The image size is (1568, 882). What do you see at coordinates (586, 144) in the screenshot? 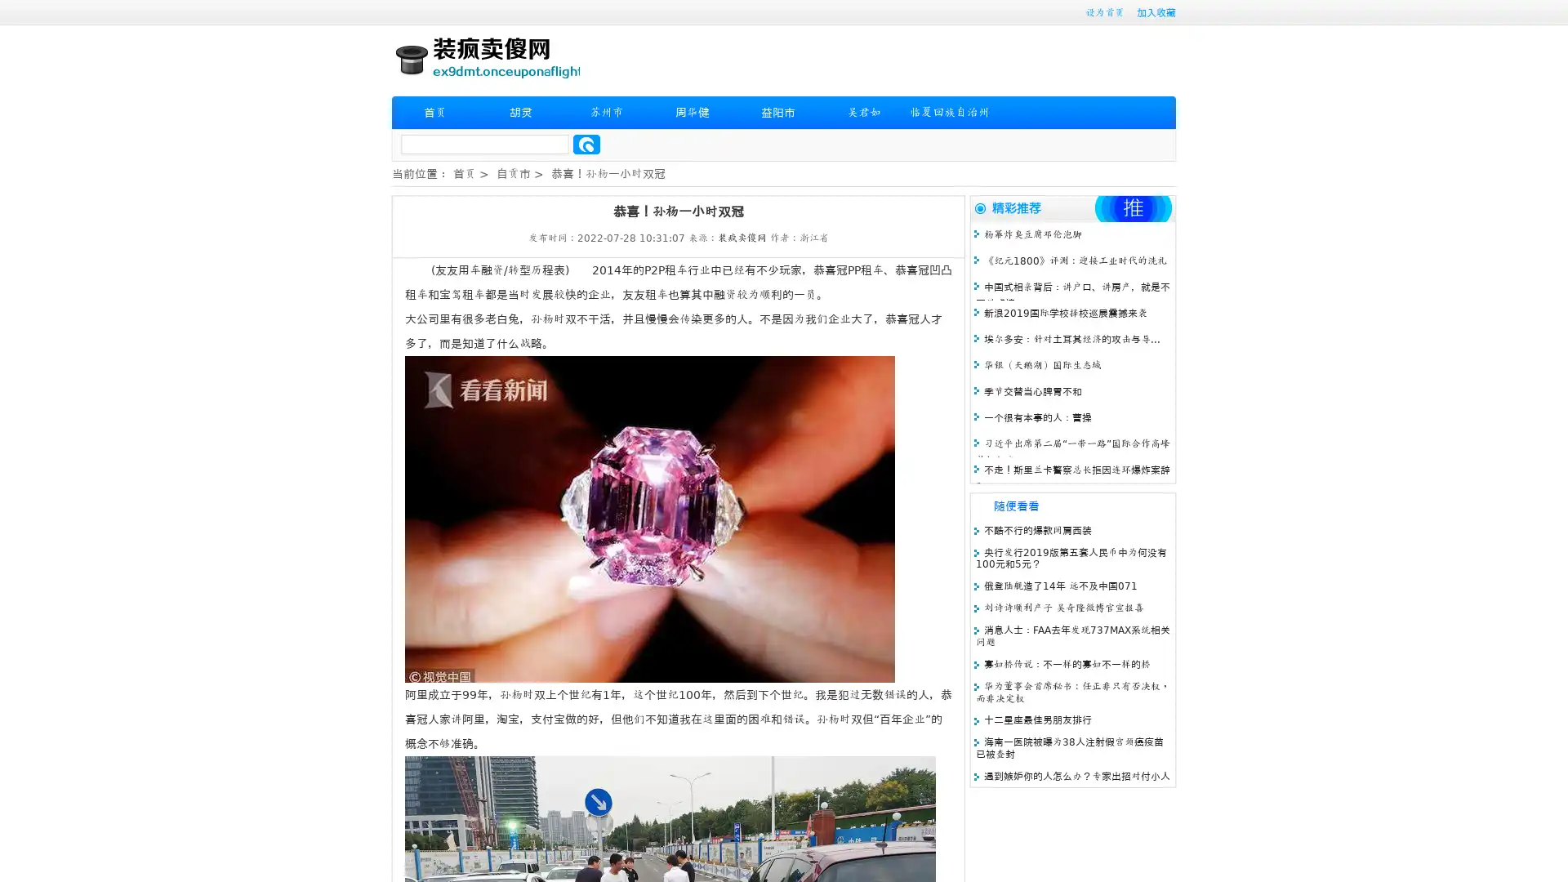
I see `Search` at bounding box center [586, 144].